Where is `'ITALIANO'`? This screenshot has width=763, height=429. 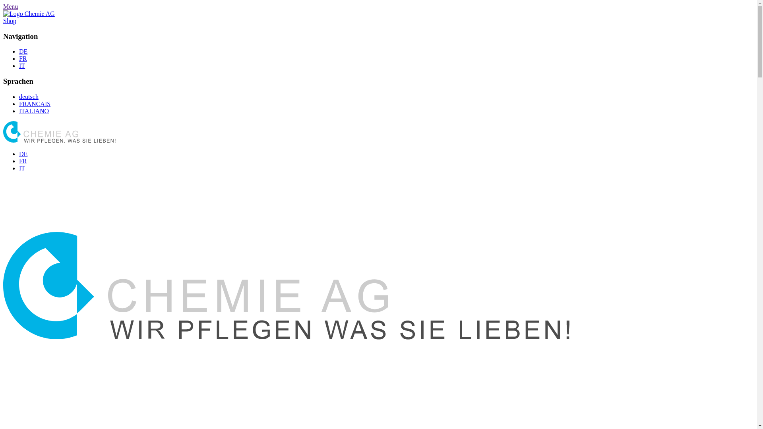
'ITALIANO' is located at coordinates (33, 111).